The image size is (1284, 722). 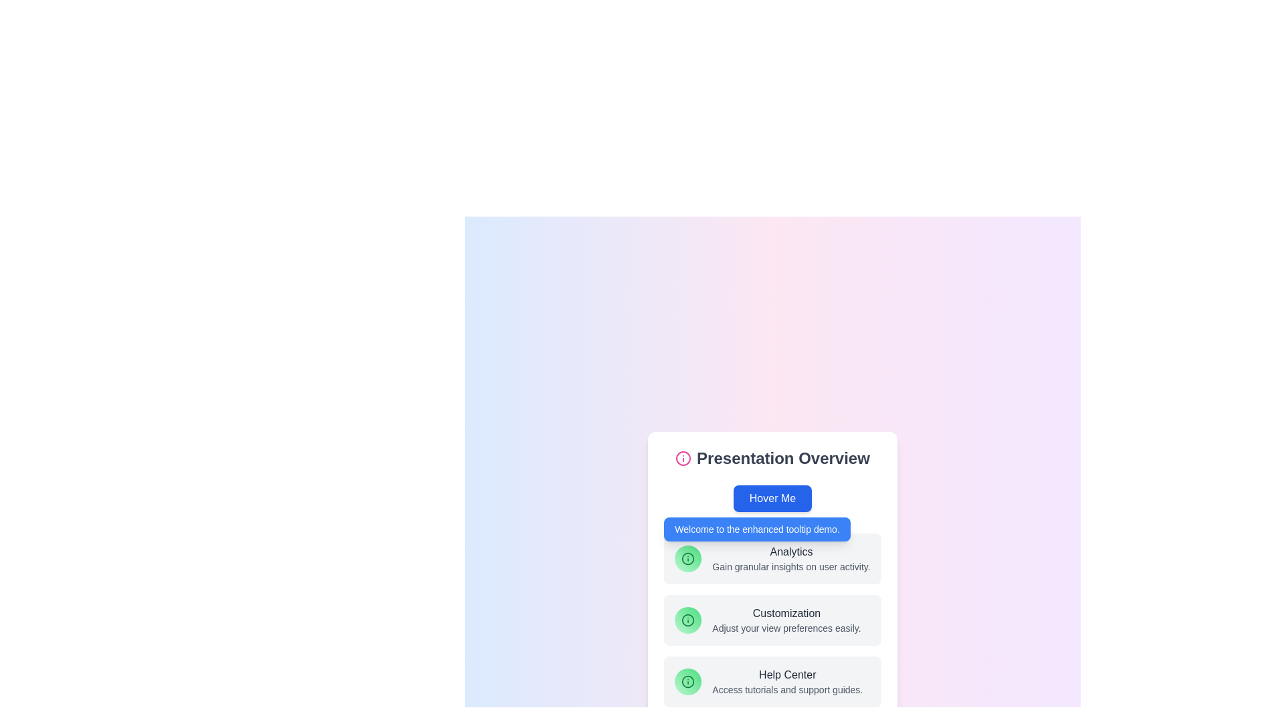 What do you see at coordinates (786, 614) in the screenshot?
I see `the text label that serves as a title or header for the customization feature, located centrally aligned in the second card section of the list, following 'Analytics' and preceding 'Help Center'` at bounding box center [786, 614].